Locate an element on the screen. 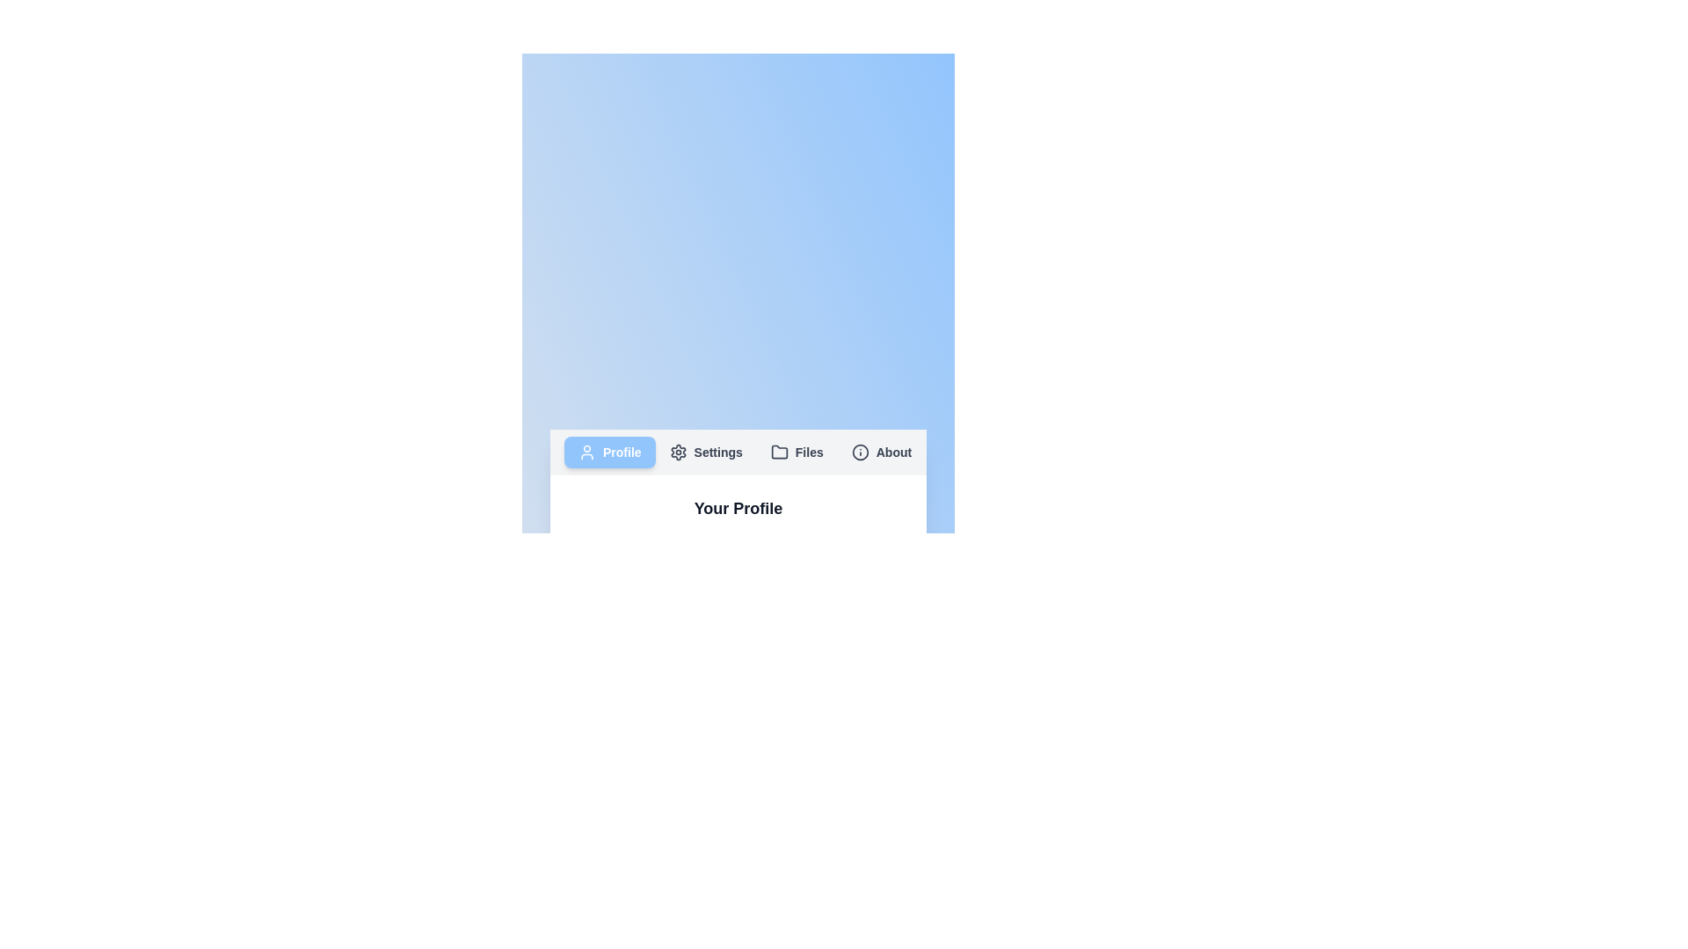 Image resolution: width=1688 pixels, height=949 pixels. the navigation bar at the top of the user profile interface is located at coordinates (738, 452).